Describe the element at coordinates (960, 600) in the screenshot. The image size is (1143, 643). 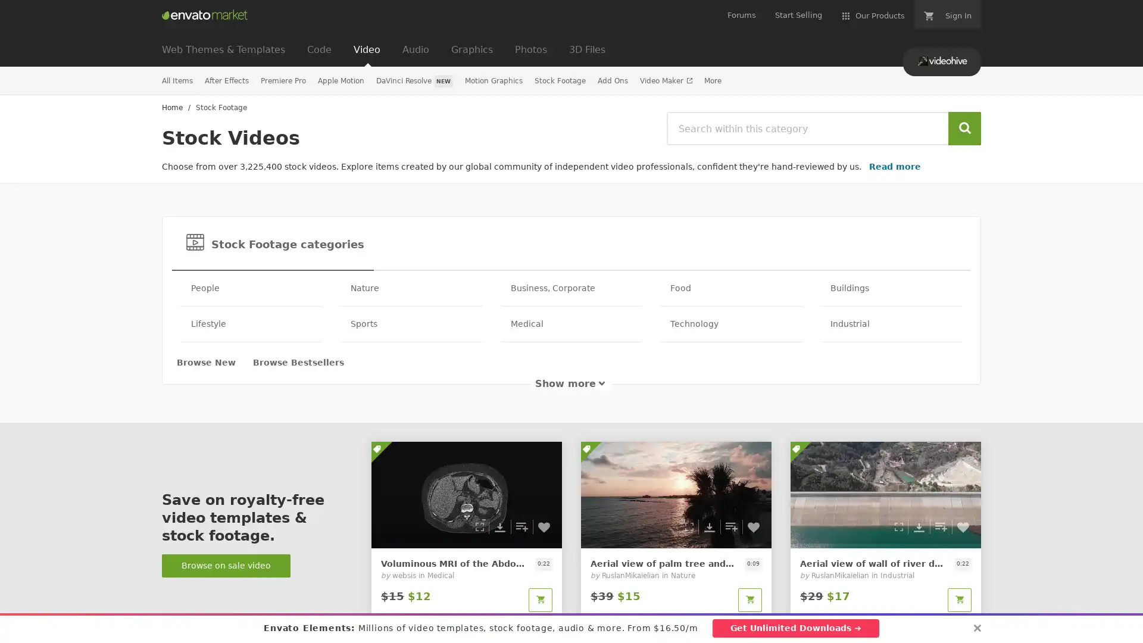
I see `Add to cart` at that location.